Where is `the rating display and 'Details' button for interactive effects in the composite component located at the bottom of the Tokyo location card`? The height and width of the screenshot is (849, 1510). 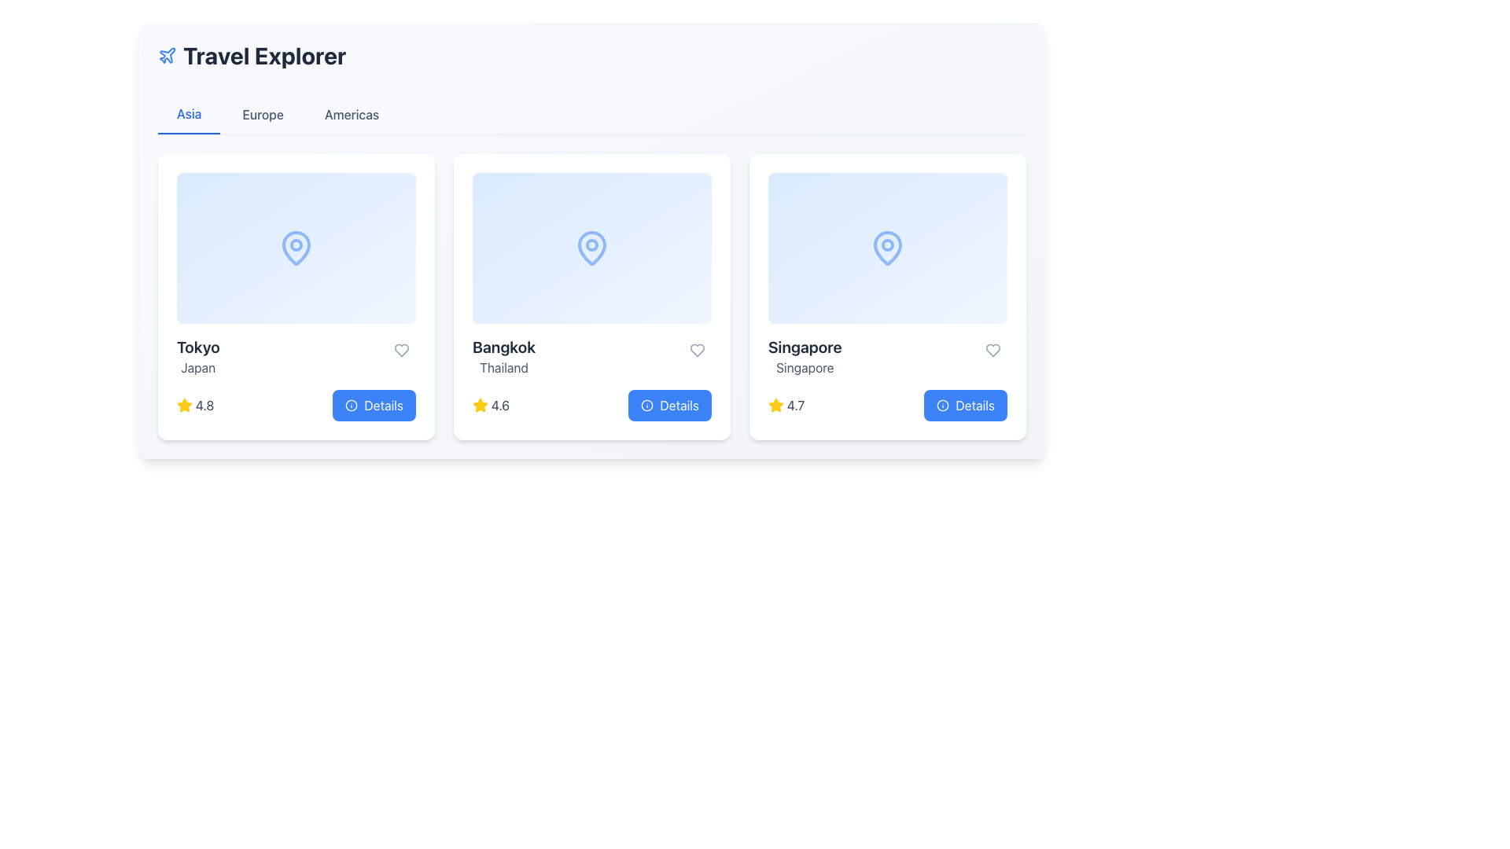 the rating display and 'Details' button for interactive effects in the composite component located at the bottom of the Tokyo location card is located at coordinates (296, 405).